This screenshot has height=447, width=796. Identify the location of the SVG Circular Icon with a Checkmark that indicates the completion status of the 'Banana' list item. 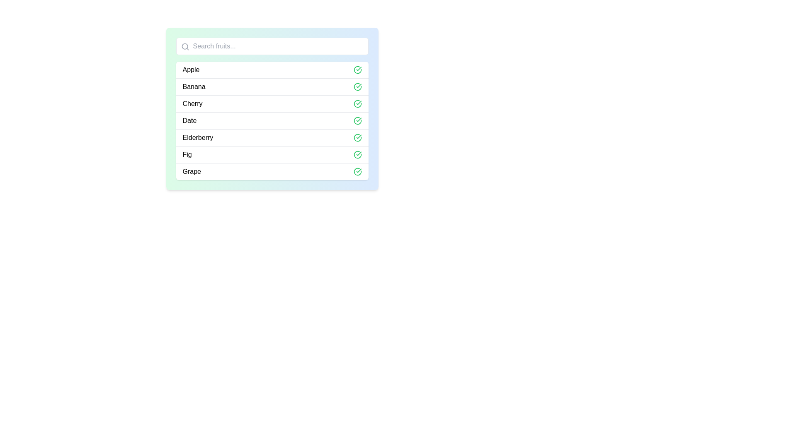
(357, 87).